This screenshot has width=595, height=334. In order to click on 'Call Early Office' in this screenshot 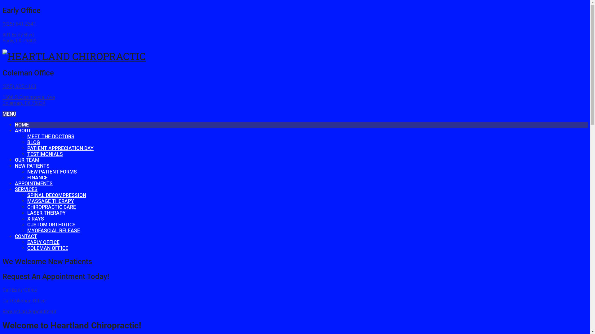, I will do `click(20, 290)`.